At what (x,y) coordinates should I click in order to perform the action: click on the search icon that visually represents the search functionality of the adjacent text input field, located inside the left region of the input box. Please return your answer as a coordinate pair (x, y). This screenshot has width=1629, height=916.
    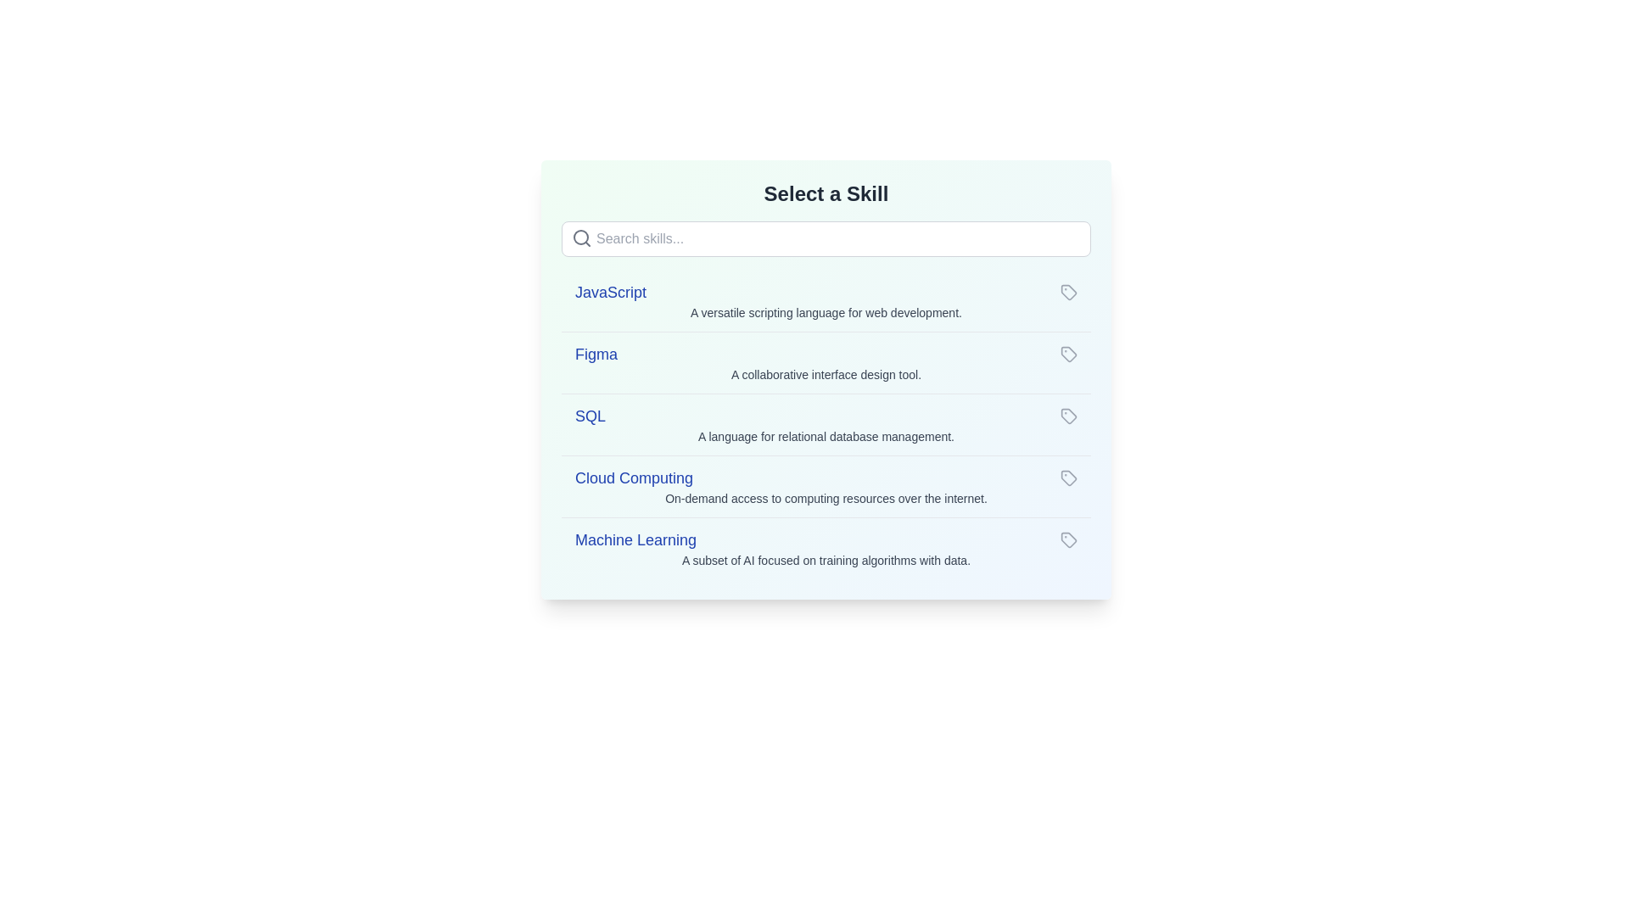
    Looking at the image, I should click on (582, 238).